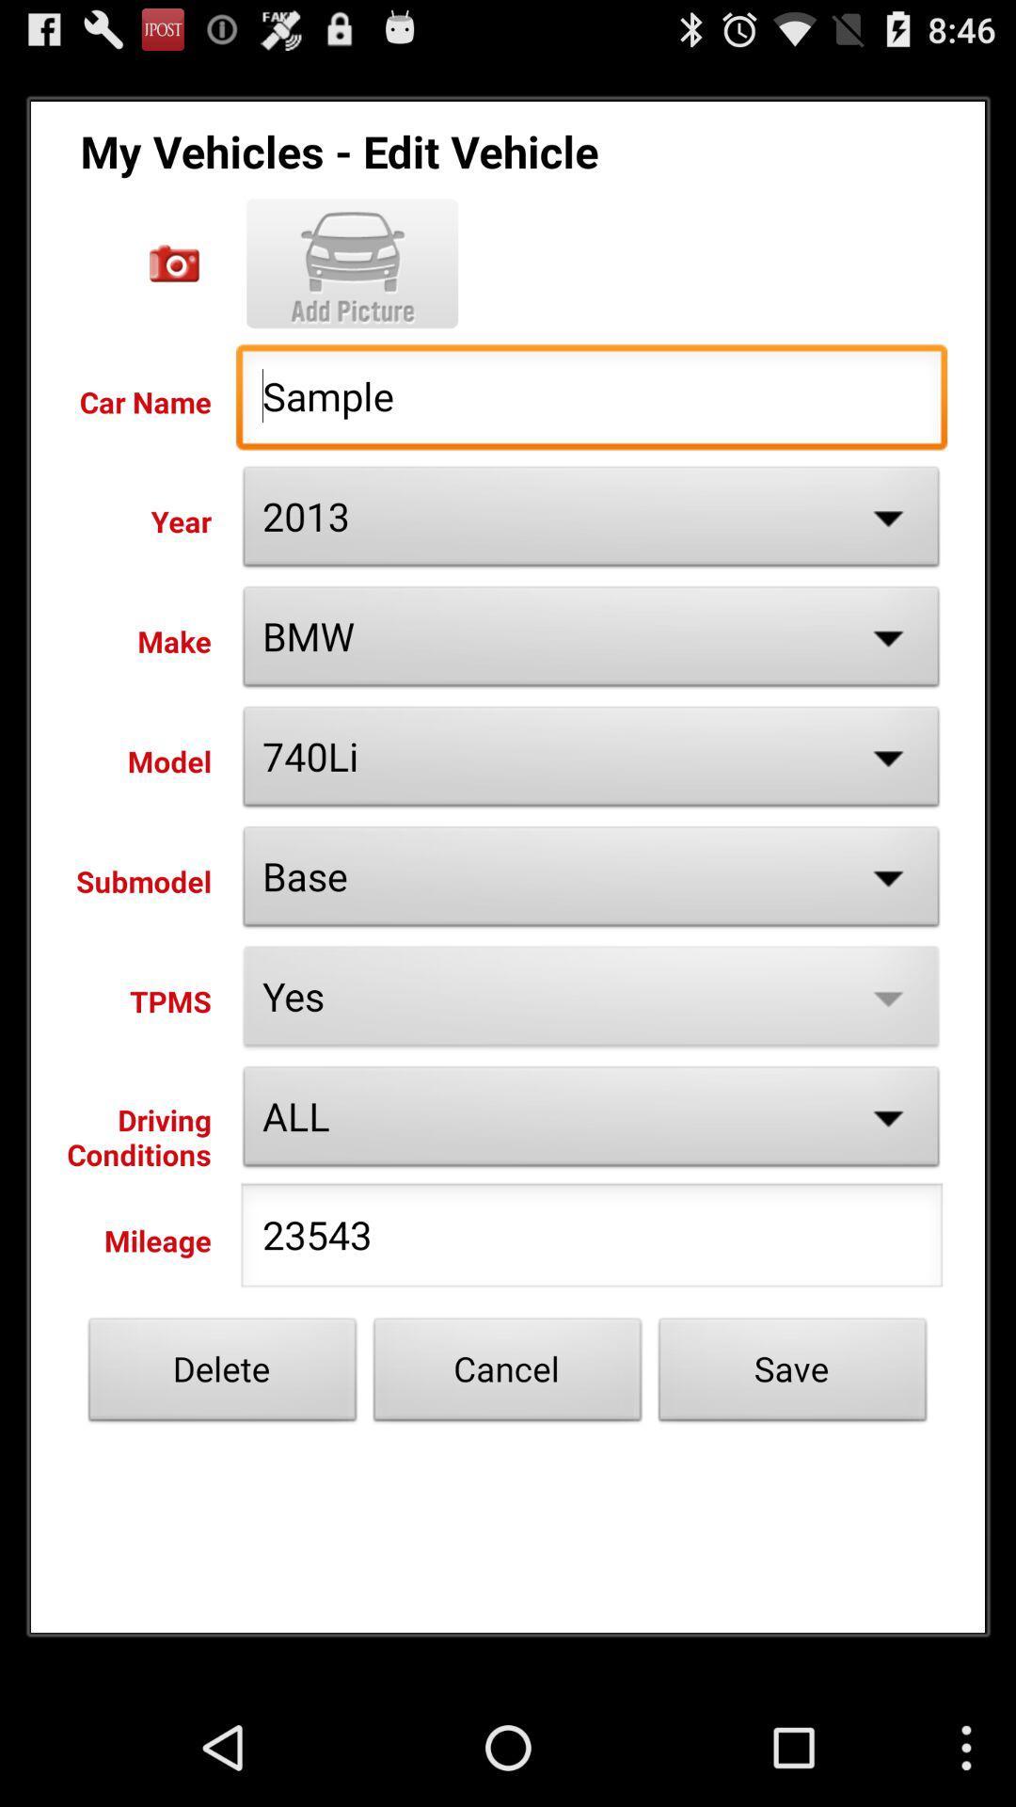 The height and width of the screenshot is (1807, 1016). I want to click on open camera to take photo of vehicle, so click(174, 263).